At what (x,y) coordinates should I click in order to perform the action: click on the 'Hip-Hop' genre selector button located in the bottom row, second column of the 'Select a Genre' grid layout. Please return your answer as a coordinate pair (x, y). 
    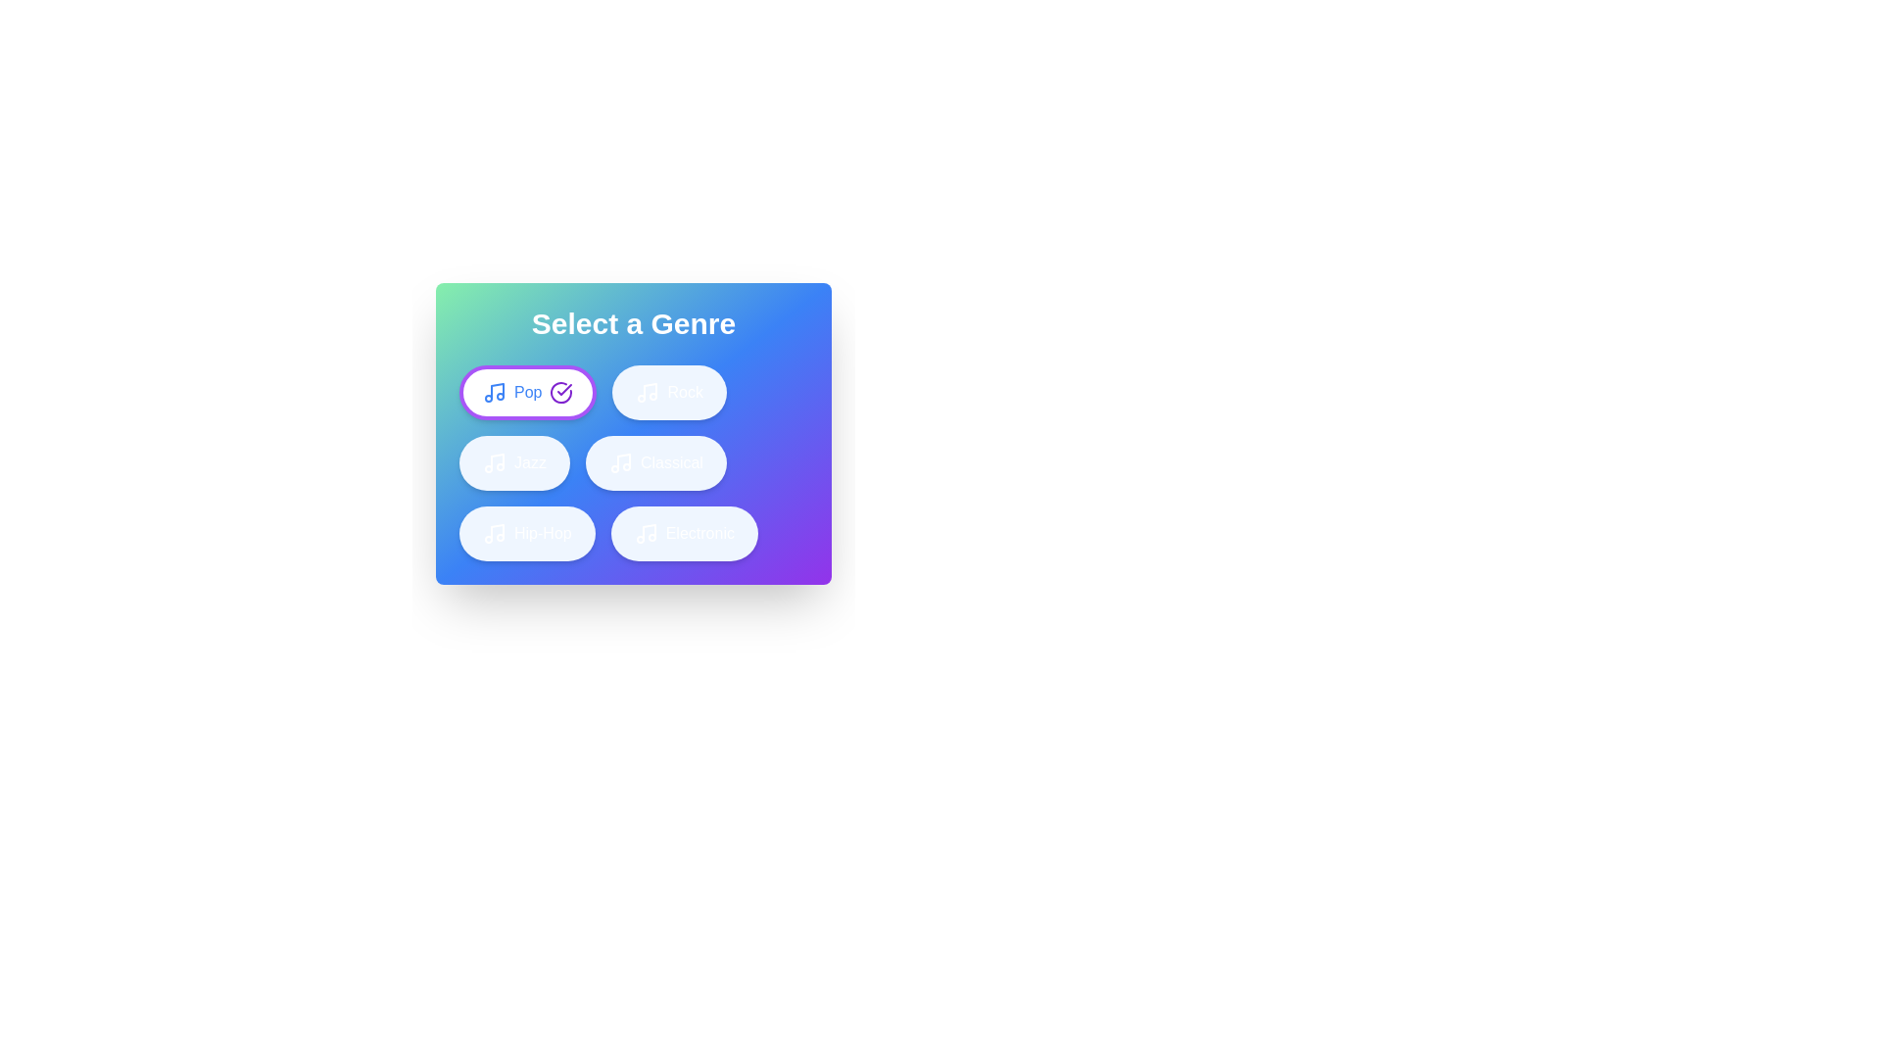
    Looking at the image, I should click on (527, 533).